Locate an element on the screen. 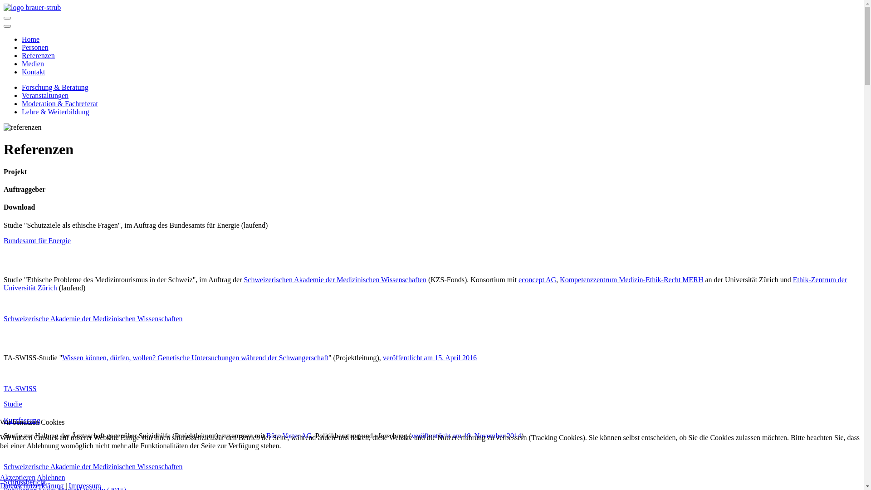 This screenshot has width=871, height=490. 'Kontakt' is located at coordinates (33, 71).